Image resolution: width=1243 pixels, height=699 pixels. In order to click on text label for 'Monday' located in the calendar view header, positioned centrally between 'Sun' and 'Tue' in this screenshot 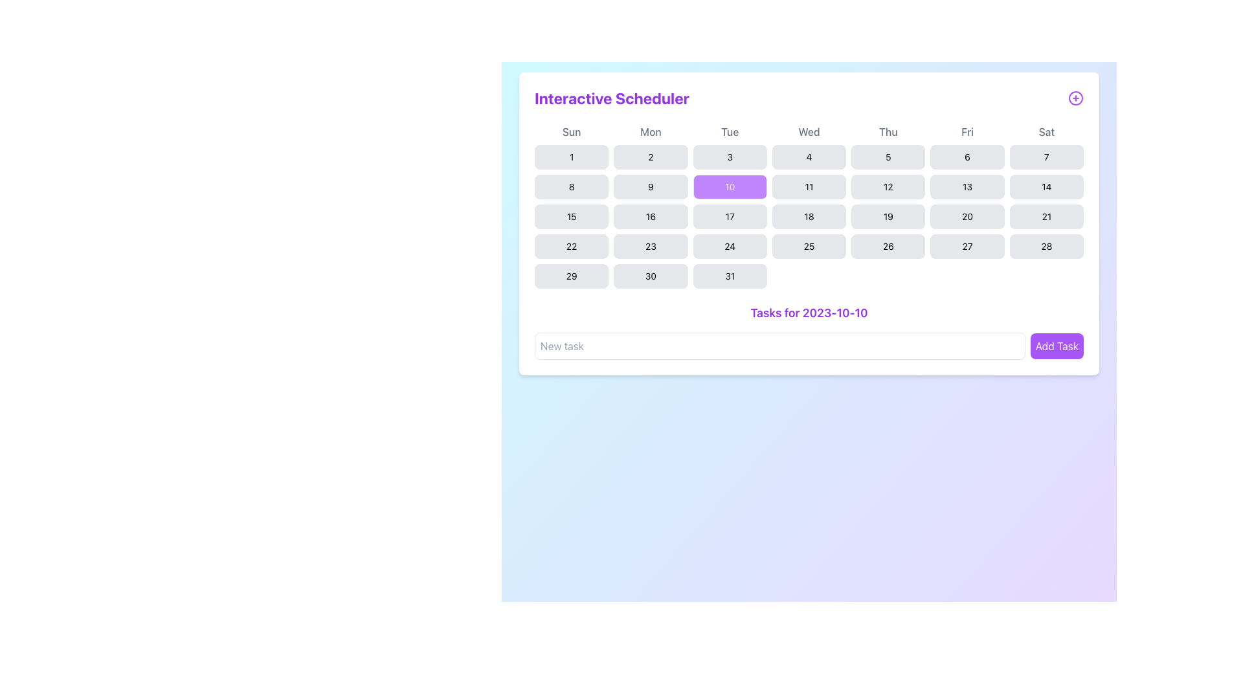, I will do `click(651, 132)`.